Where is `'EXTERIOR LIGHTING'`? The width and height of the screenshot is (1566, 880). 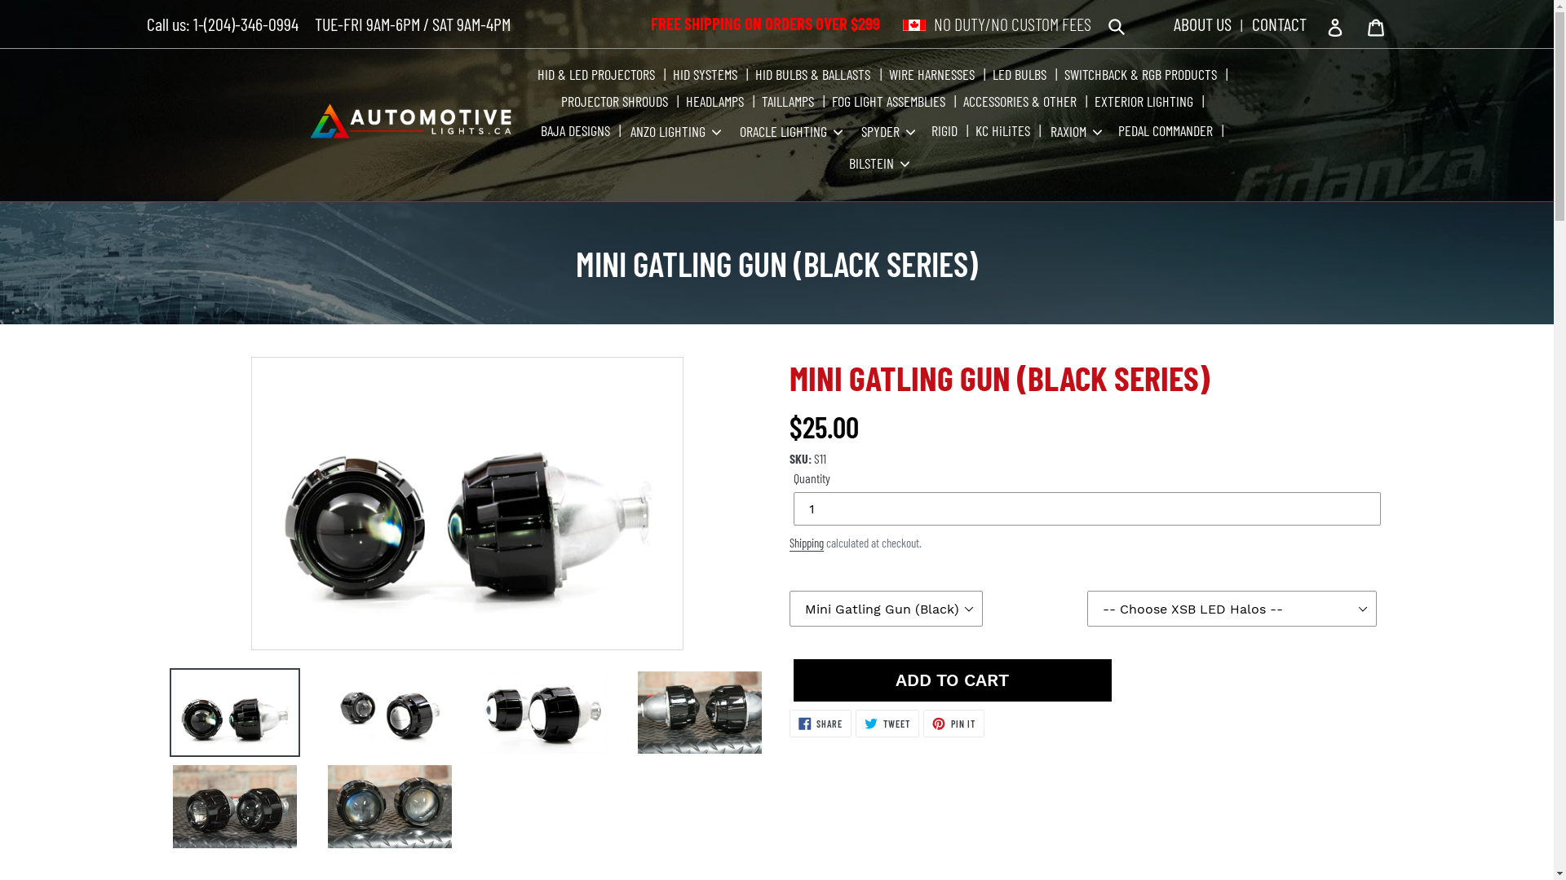 'EXTERIOR LIGHTING' is located at coordinates (1088, 101).